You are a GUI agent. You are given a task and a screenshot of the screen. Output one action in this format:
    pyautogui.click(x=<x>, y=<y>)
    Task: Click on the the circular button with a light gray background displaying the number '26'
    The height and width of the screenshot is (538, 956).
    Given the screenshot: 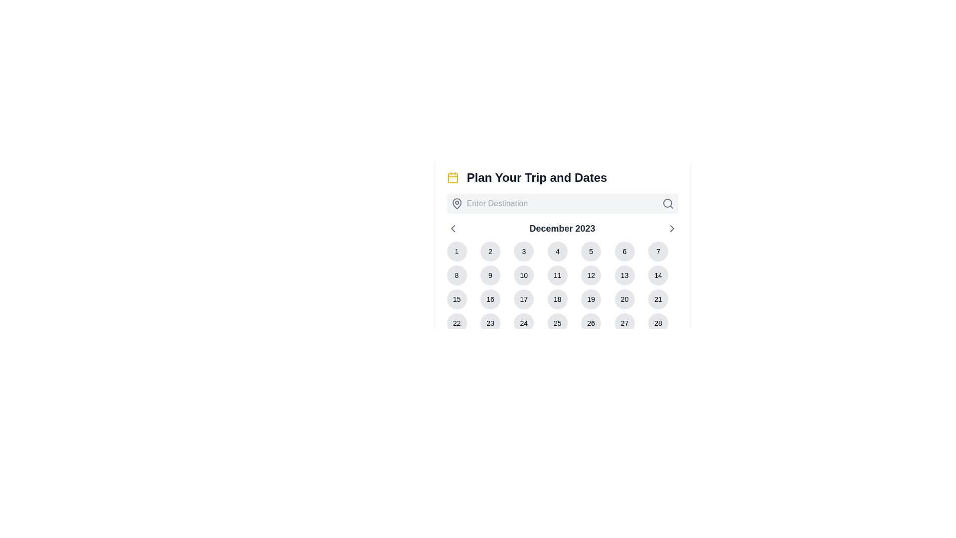 What is the action you would take?
    pyautogui.click(x=591, y=323)
    